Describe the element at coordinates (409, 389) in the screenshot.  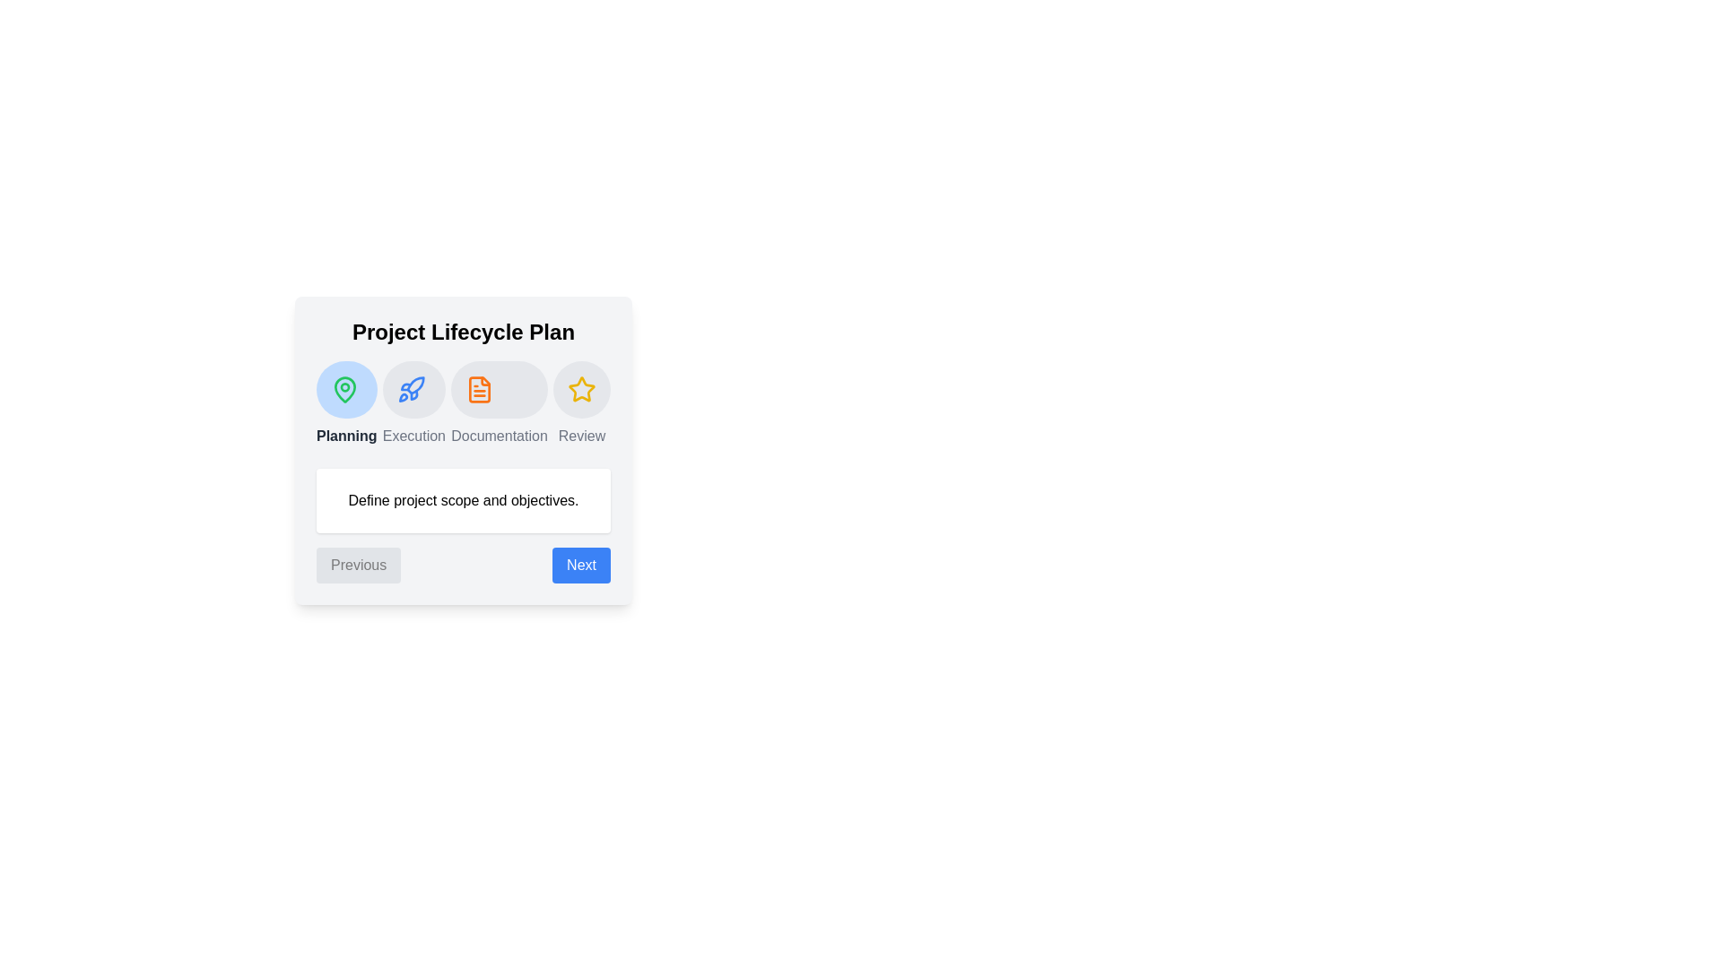
I see `the phase Execution by clicking on its icon or title` at that location.